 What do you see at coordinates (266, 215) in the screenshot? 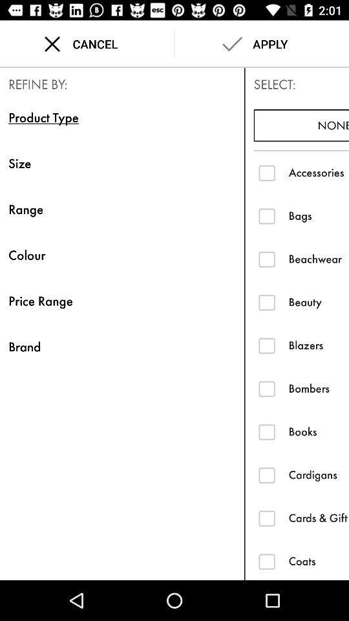
I see `check box option` at bounding box center [266, 215].